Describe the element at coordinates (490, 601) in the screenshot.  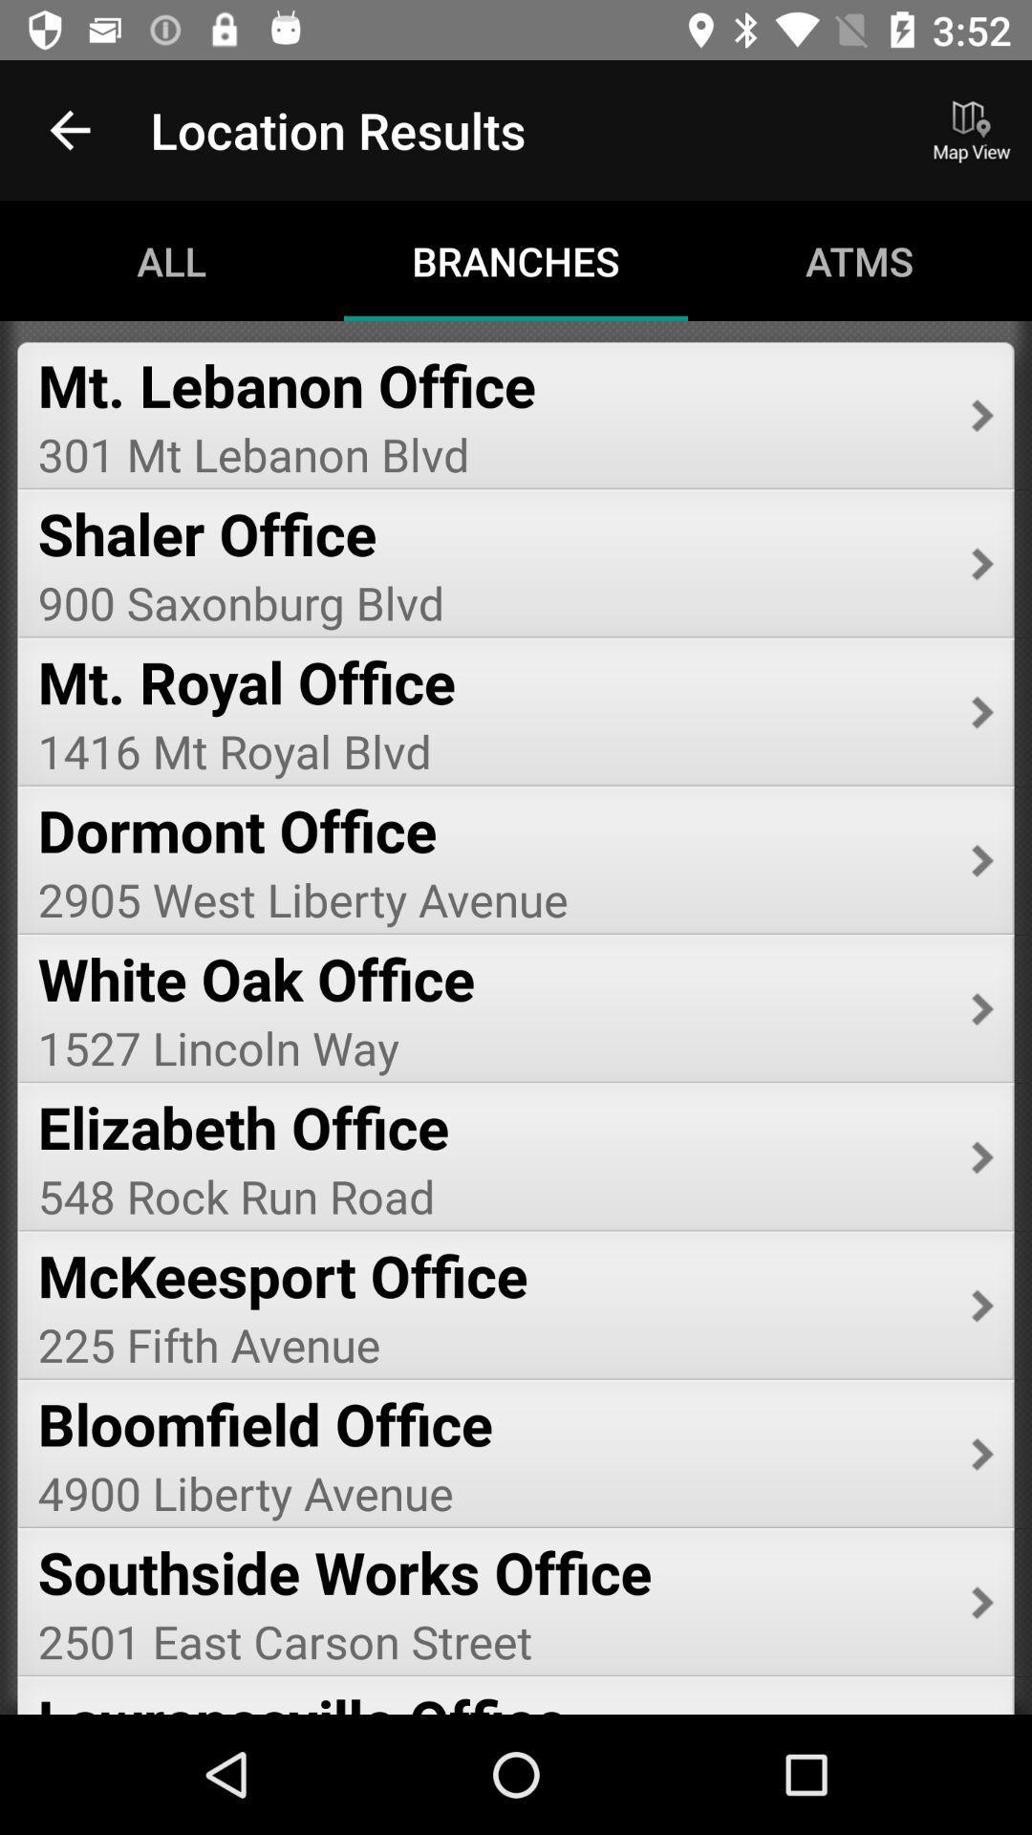
I see `icon below shaler office item` at that location.